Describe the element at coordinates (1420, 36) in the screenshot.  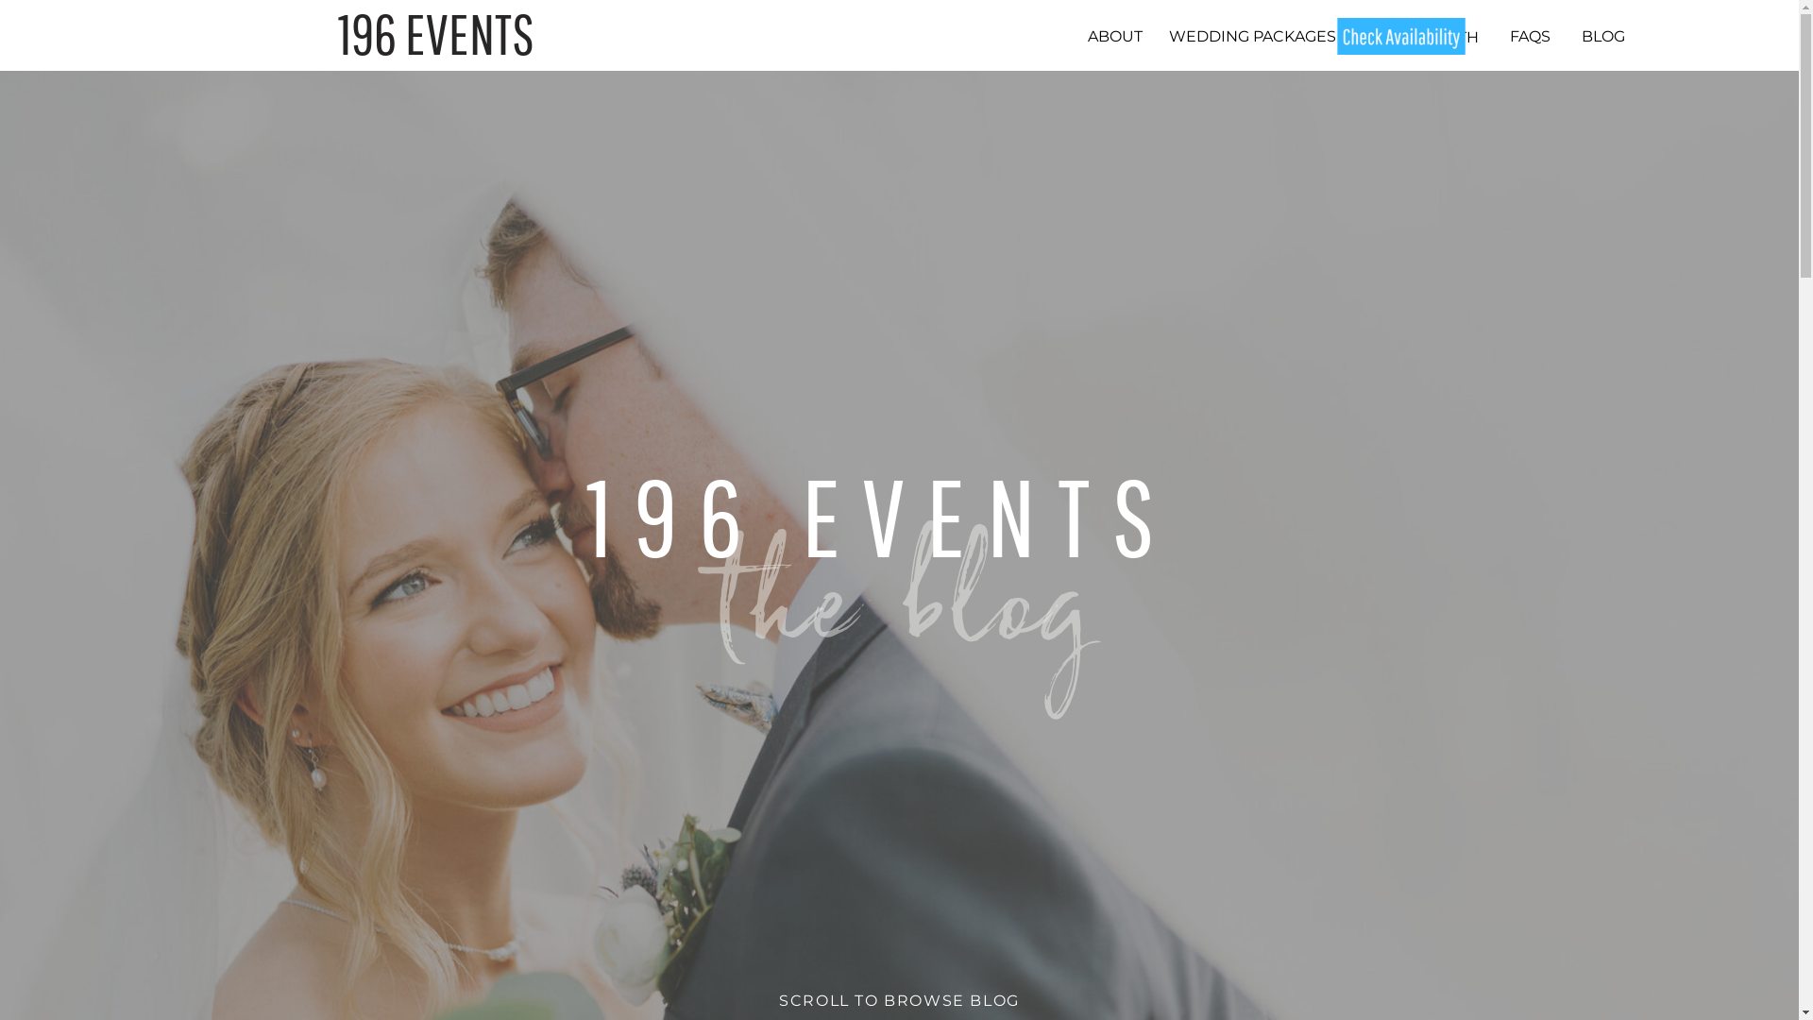
I see `'PHOTO BOOTH'` at that location.